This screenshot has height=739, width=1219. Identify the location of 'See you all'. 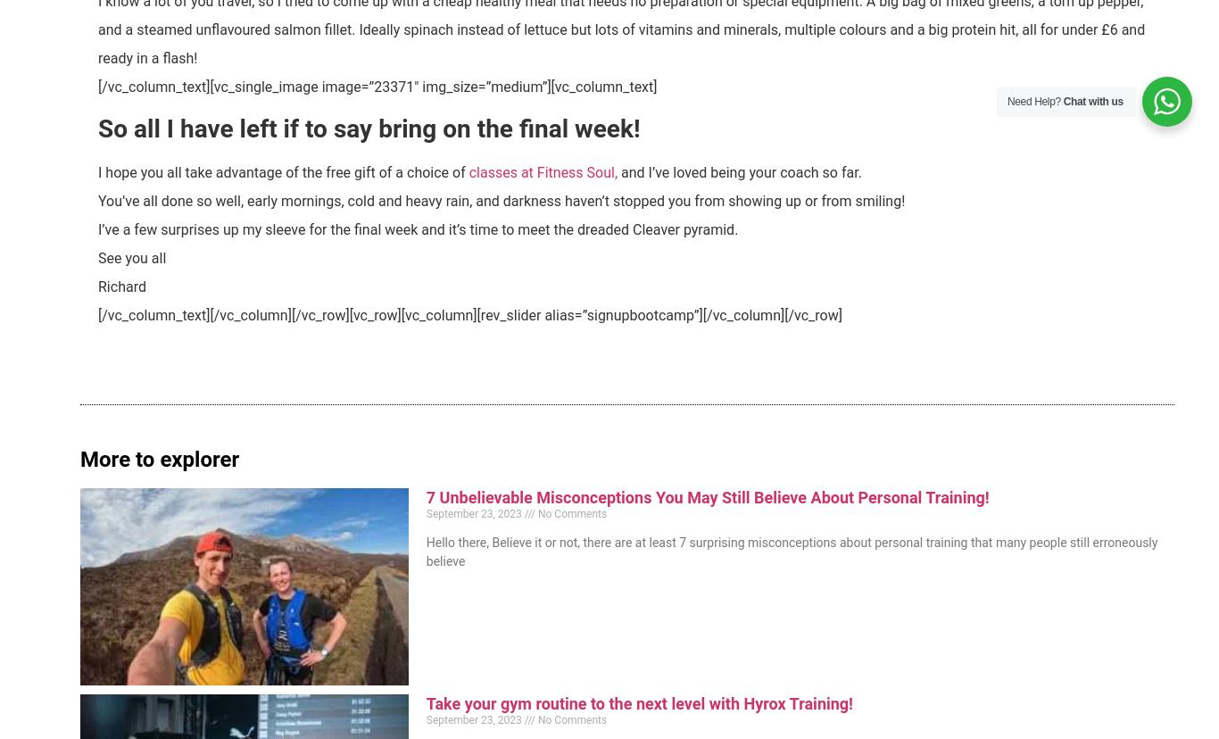
(130, 257).